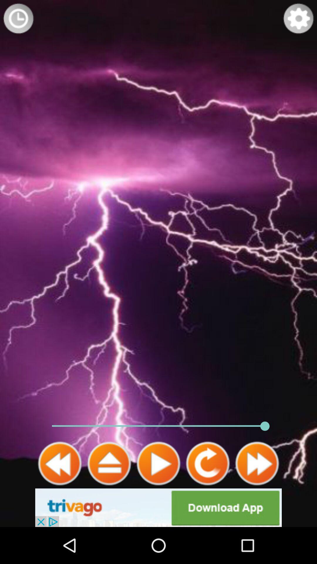 The image size is (317, 564). I want to click on time display, so click(18, 18).